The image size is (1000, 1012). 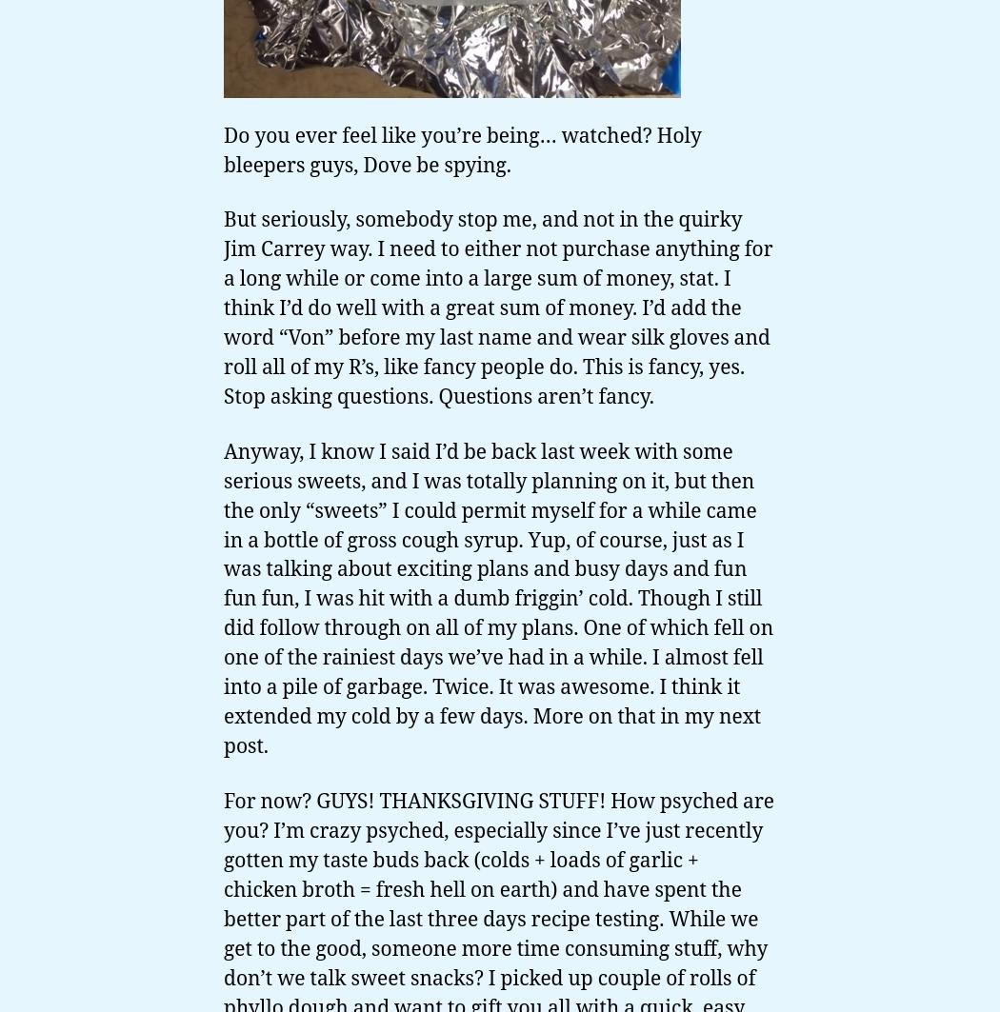 I want to click on 'Chocolate Cheer', so click(x=107, y=903).